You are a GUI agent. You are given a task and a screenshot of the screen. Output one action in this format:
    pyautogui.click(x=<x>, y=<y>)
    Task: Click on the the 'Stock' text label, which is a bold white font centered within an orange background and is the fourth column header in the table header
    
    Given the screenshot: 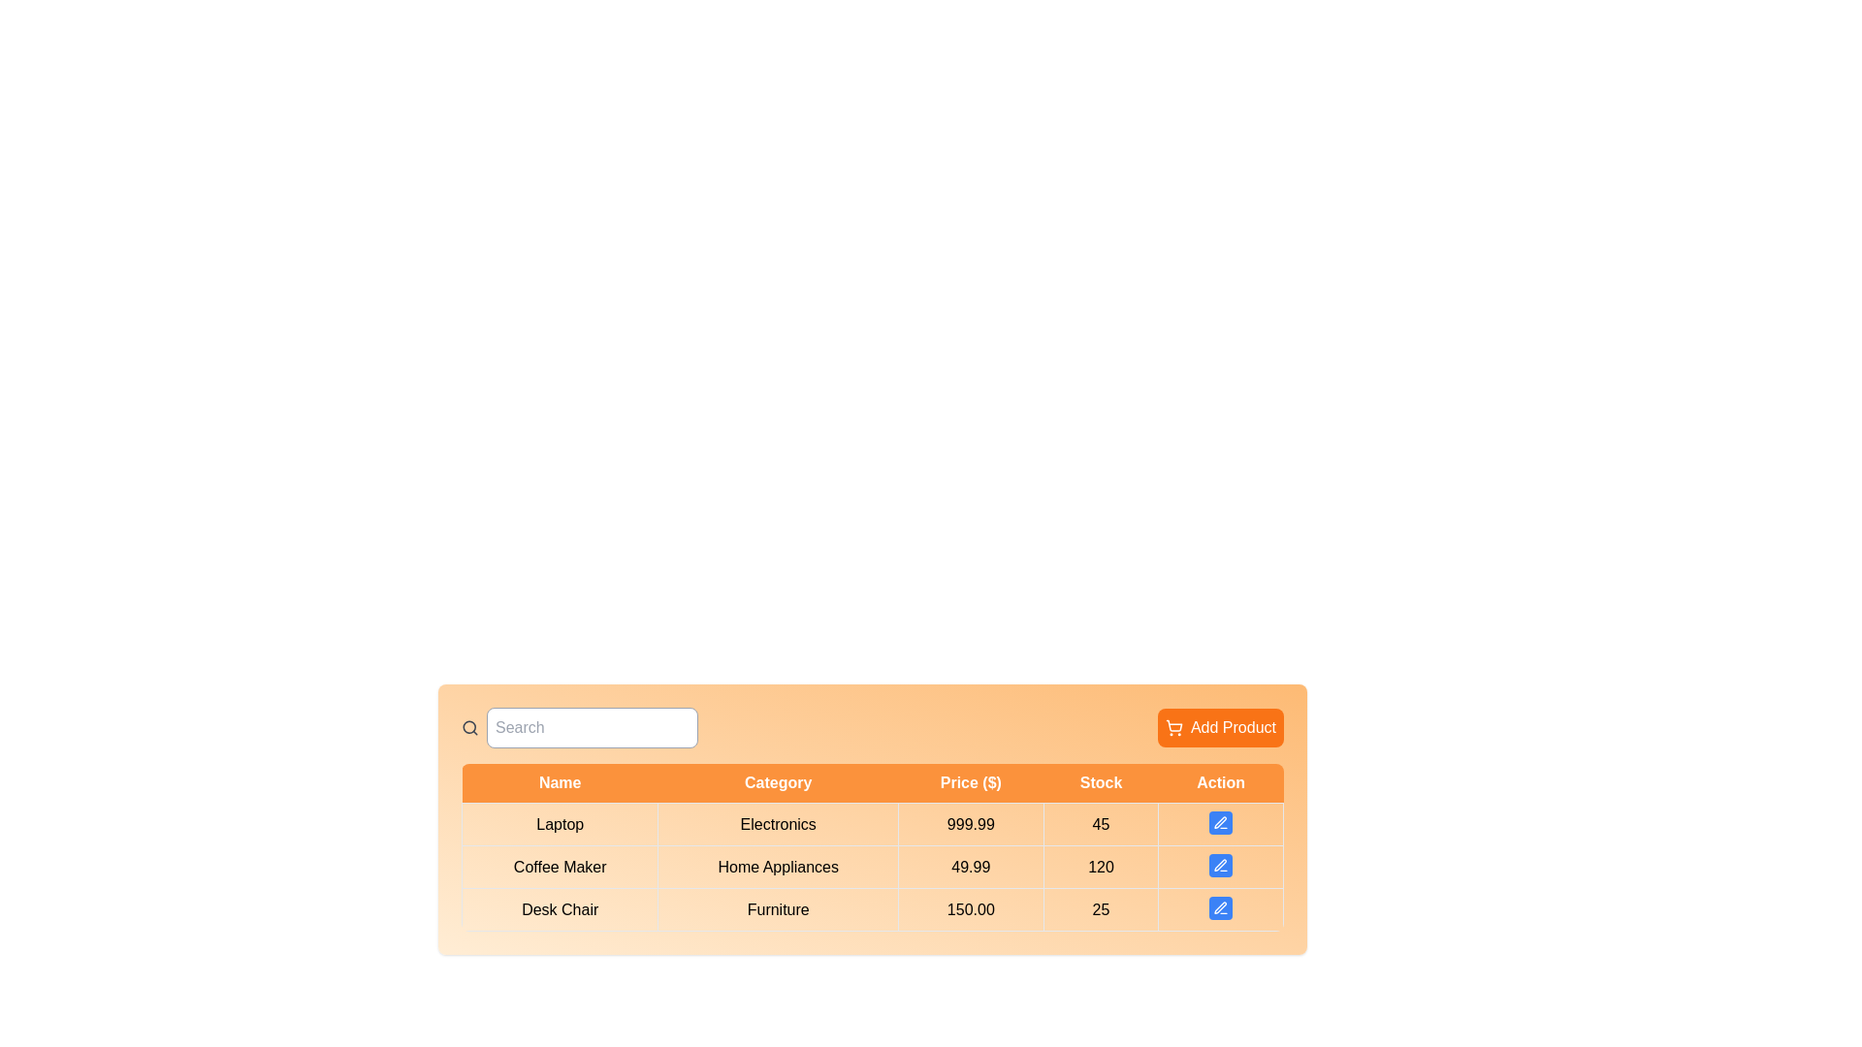 What is the action you would take?
    pyautogui.click(x=1101, y=782)
    